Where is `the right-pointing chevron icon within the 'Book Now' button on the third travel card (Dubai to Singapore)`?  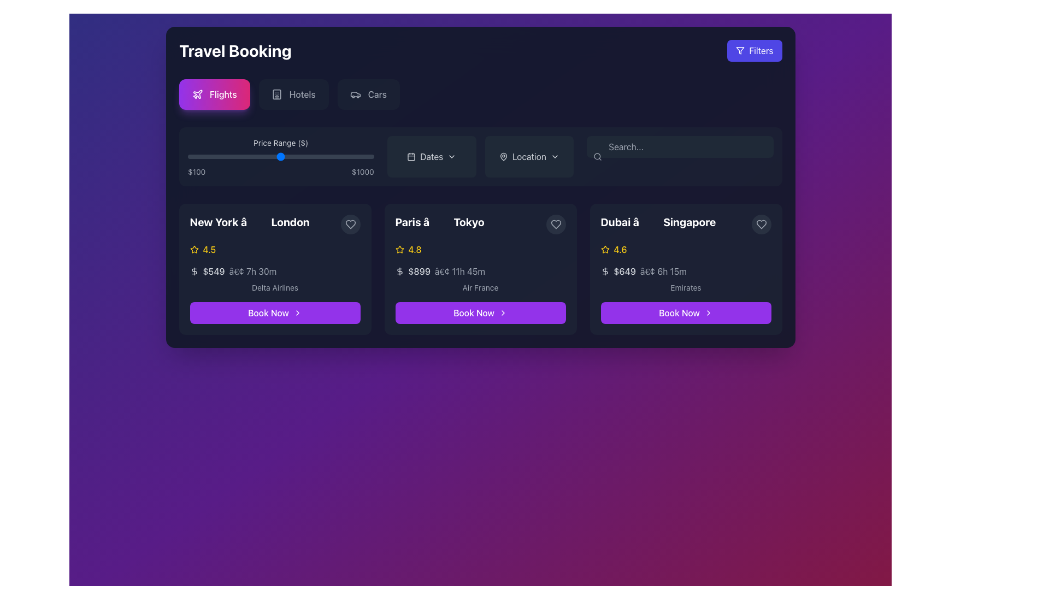 the right-pointing chevron icon within the 'Book Now' button on the third travel card (Dubai to Singapore) is located at coordinates (708, 313).